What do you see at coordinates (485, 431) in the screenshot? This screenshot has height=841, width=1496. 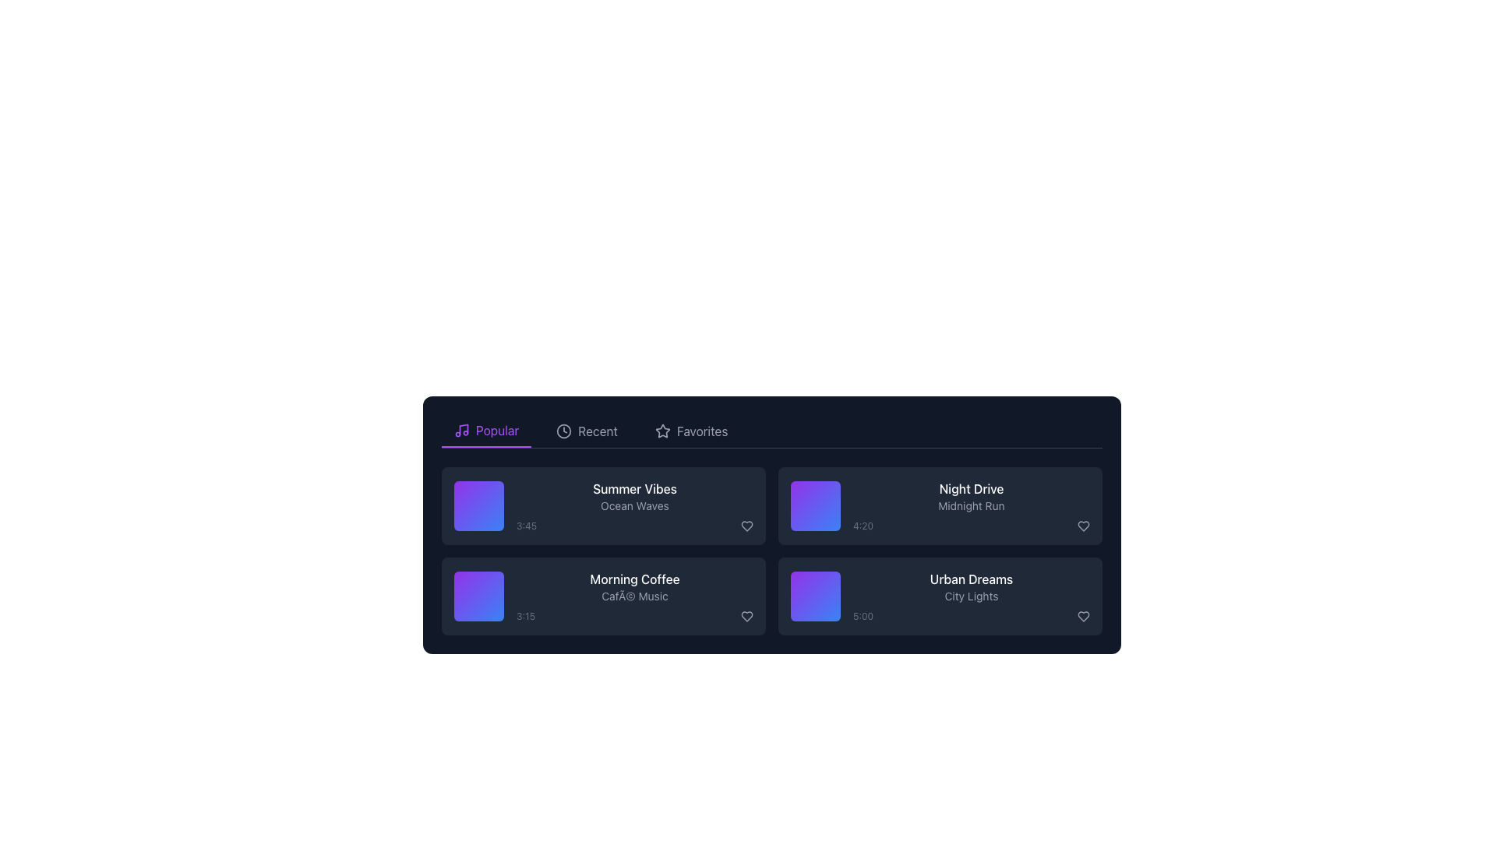 I see `the 'Popular' navigation tab` at bounding box center [485, 431].